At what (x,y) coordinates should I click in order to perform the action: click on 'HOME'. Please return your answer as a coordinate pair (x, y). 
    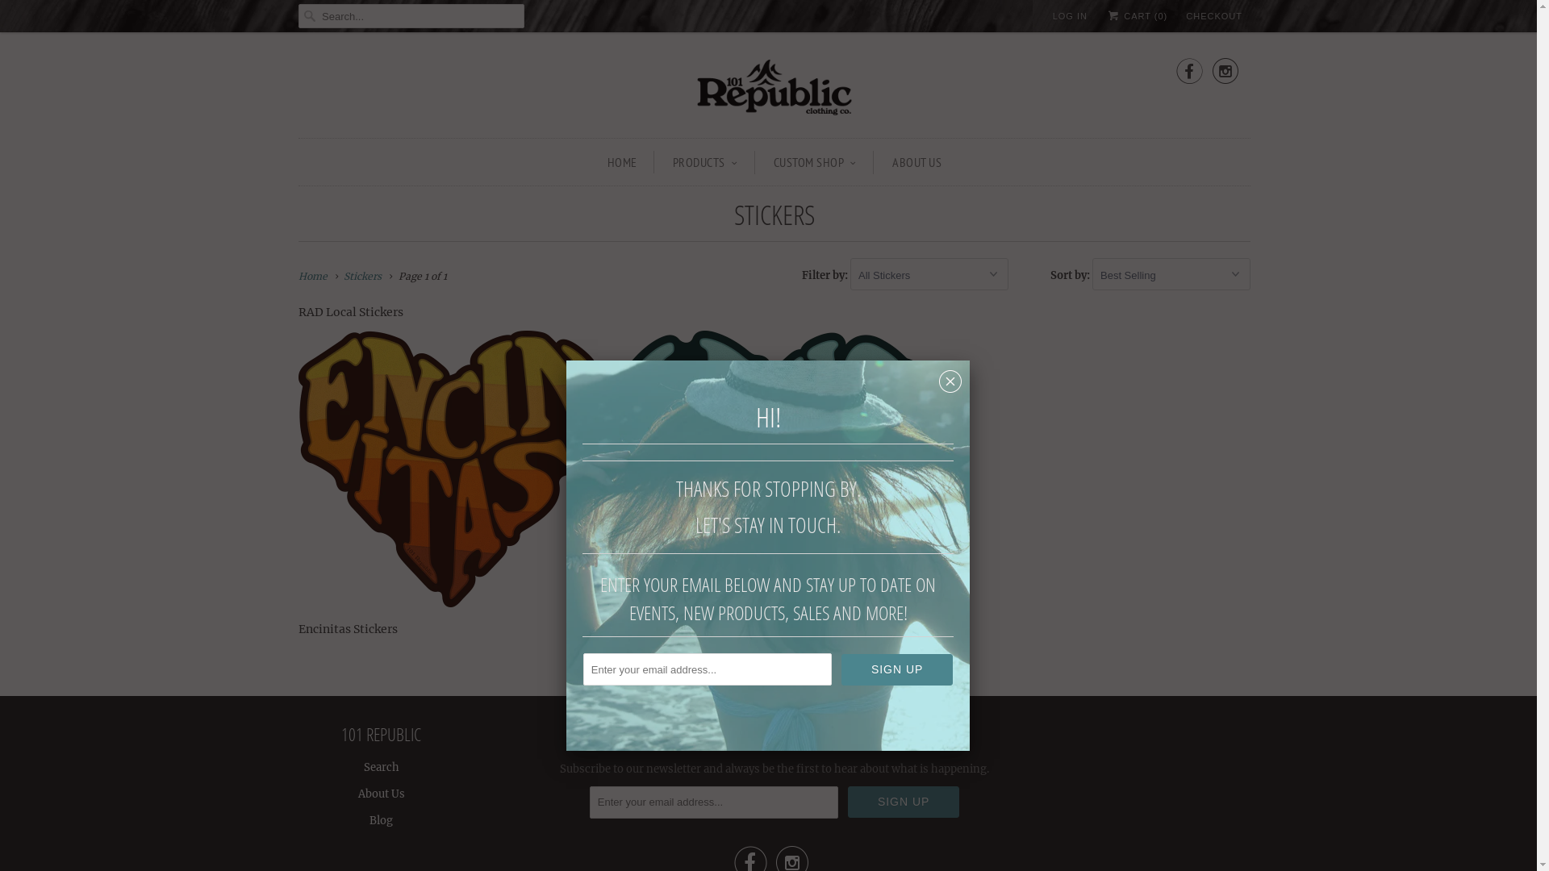
    Looking at the image, I should click on (607, 161).